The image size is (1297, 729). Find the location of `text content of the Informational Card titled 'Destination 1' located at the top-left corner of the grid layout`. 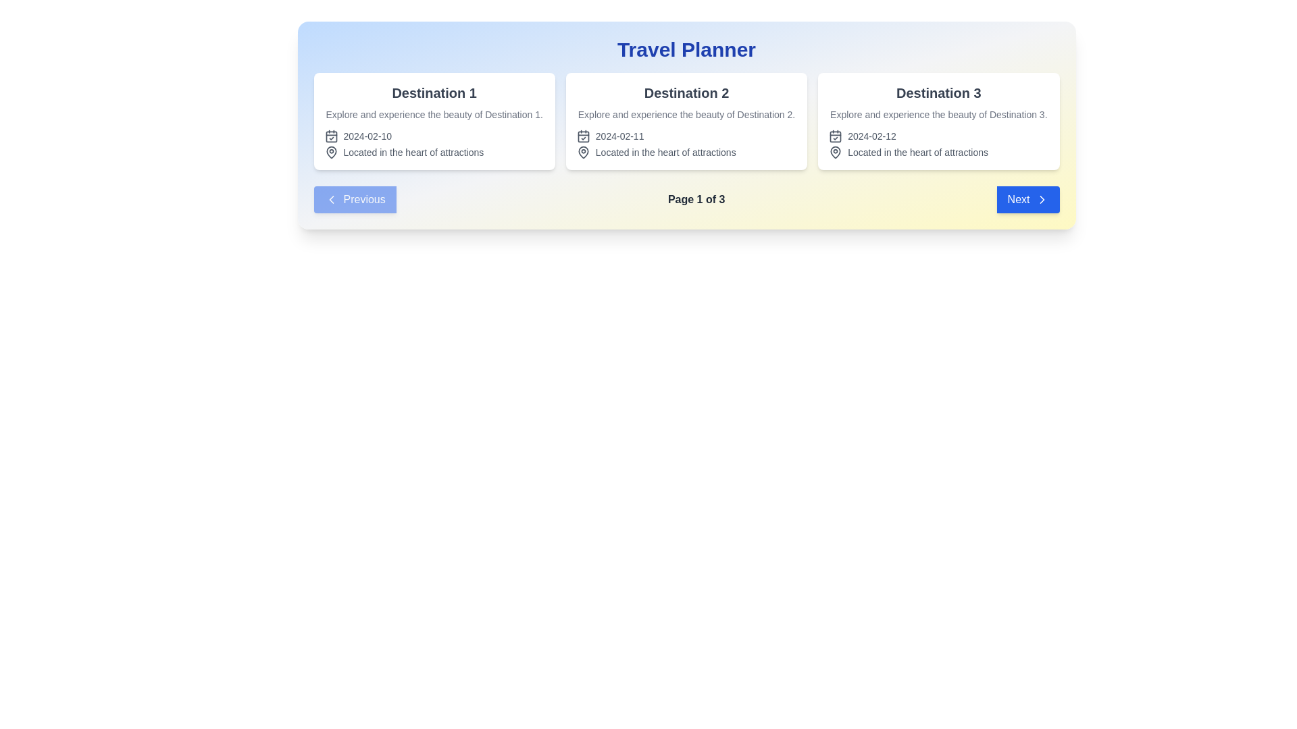

text content of the Informational Card titled 'Destination 1' located at the top-left corner of the grid layout is located at coordinates (434, 122).